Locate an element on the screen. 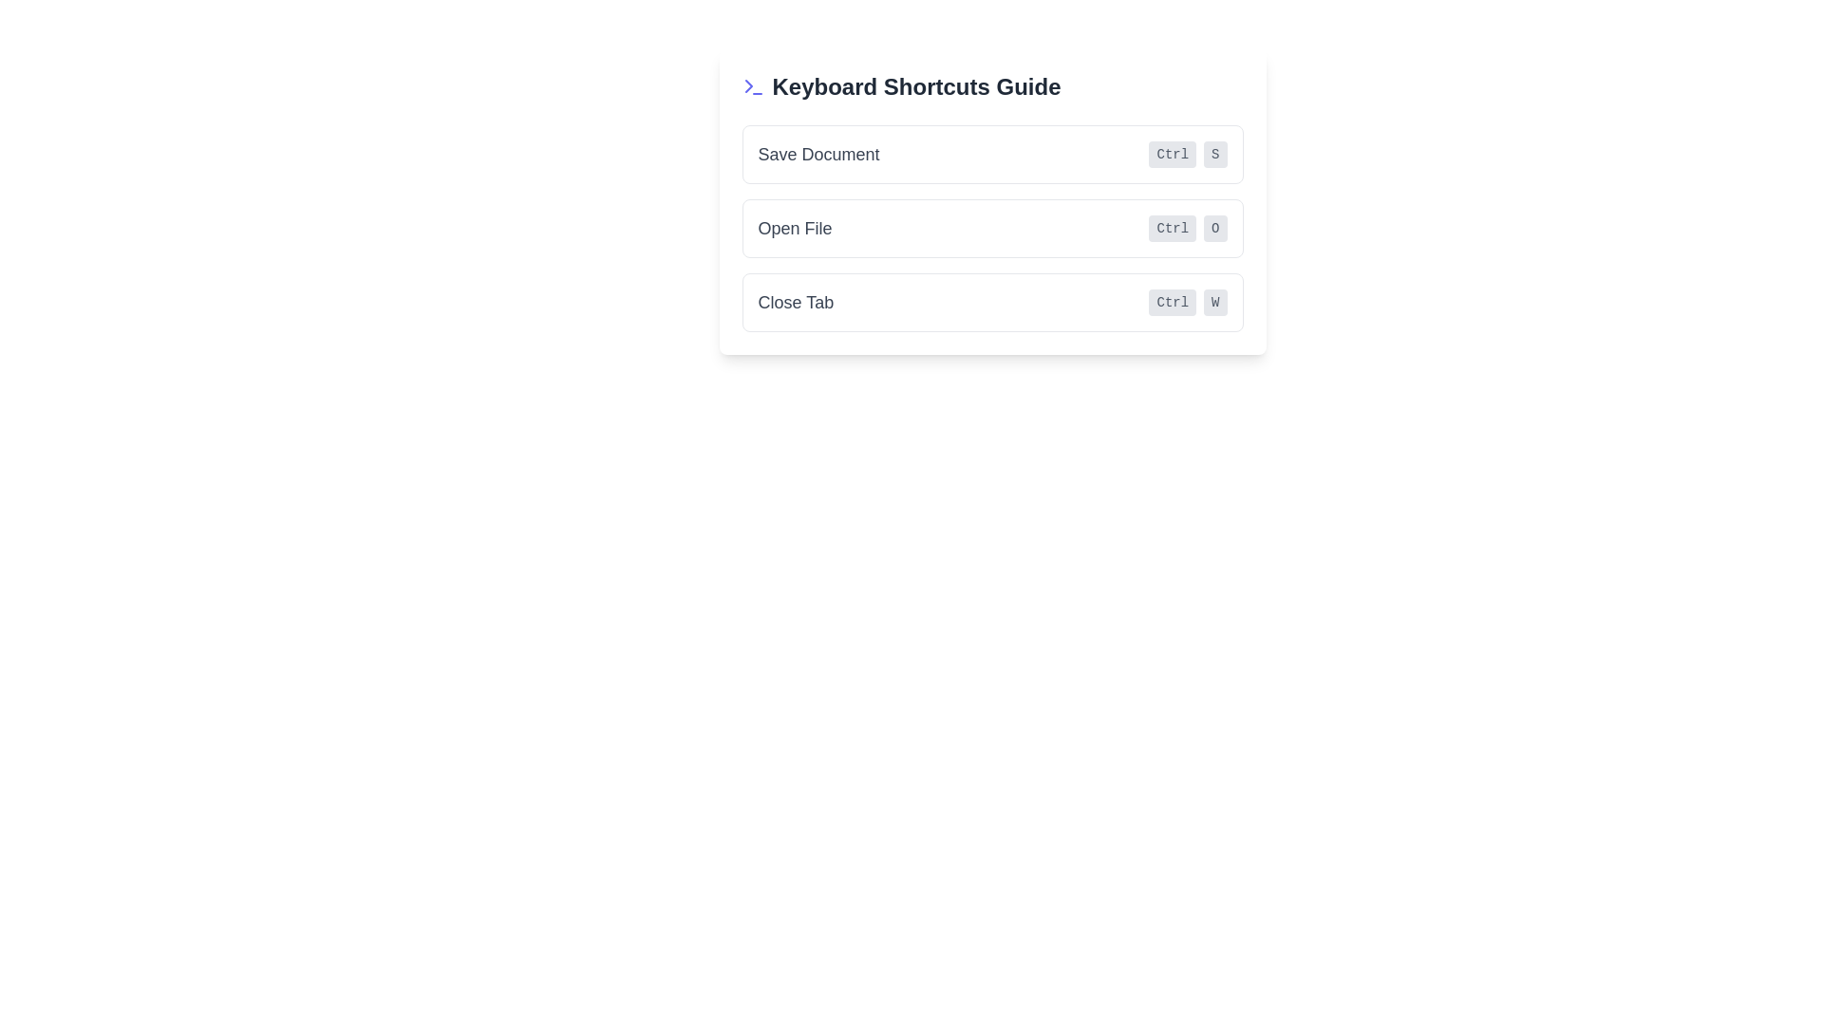 The width and height of the screenshot is (1823, 1025). the label that describes the 'Ctrl O' keyboard shortcut, which is the leftmost text in the second row of the keyboard shortcuts list is located at coordinates (795, 227).